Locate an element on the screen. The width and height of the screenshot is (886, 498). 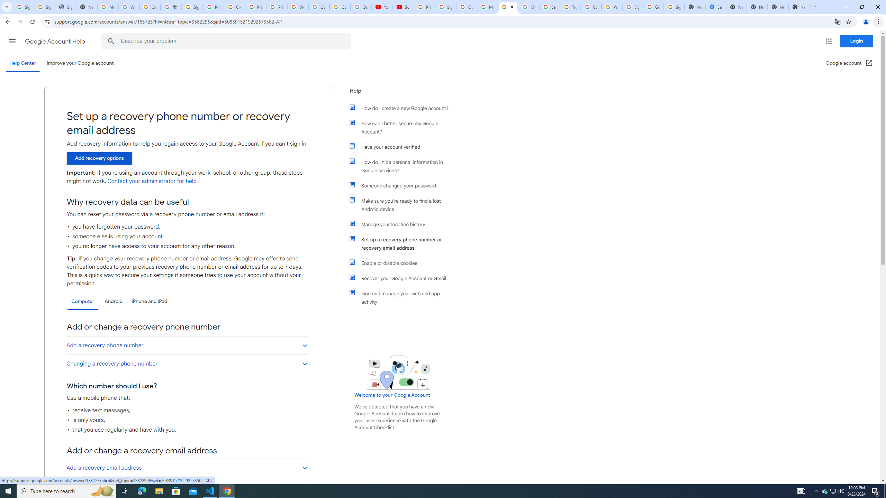
'Search the Help Center' is located at coordinates (110, 41).